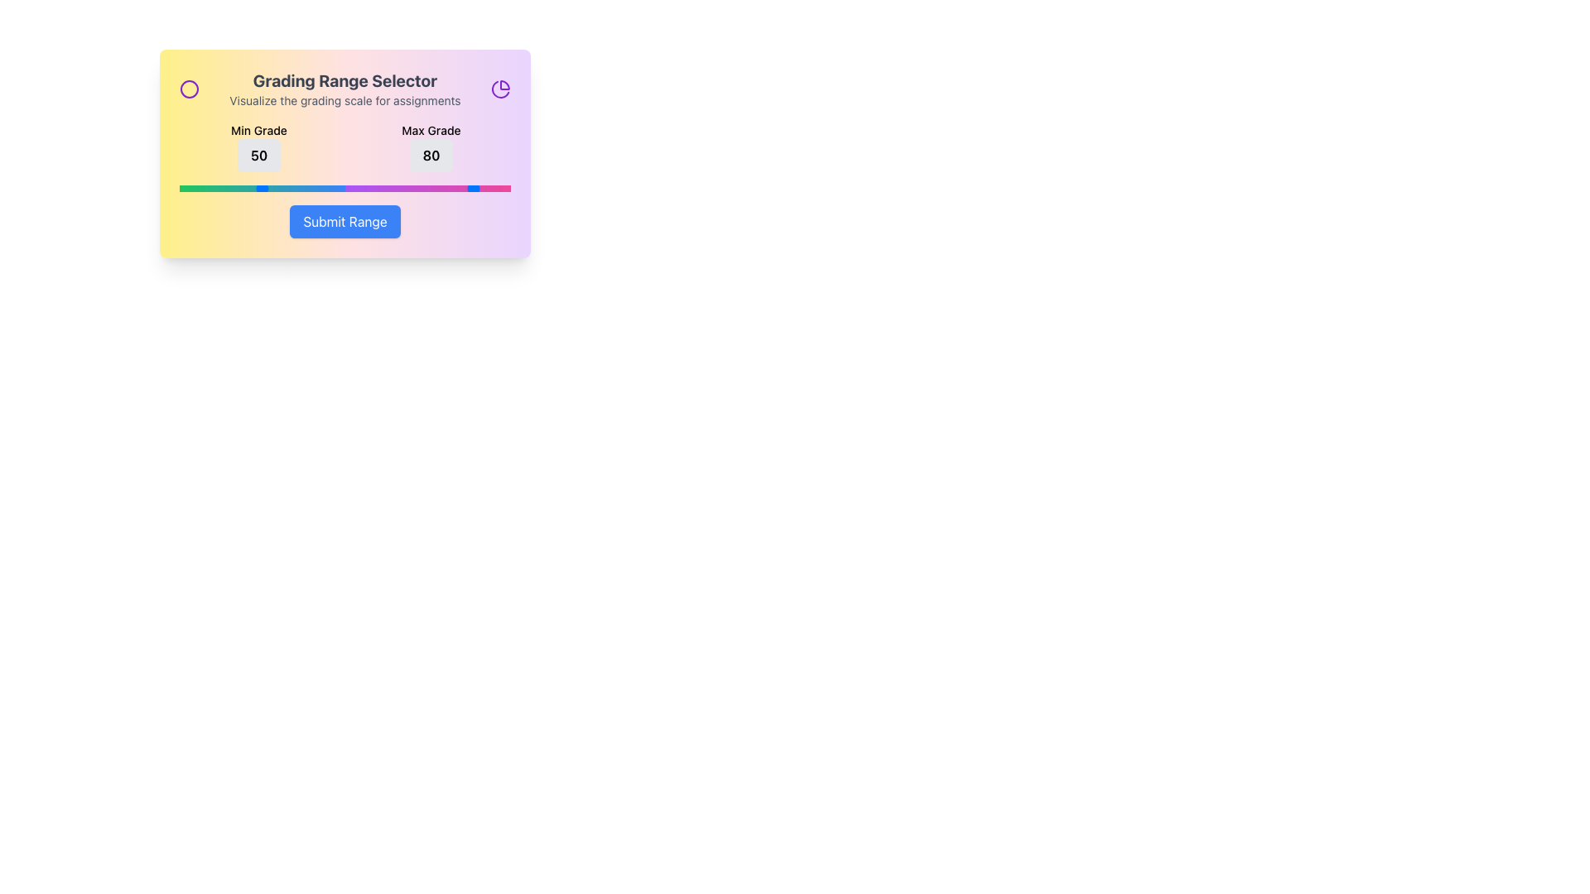  What do you see at coordinates (248, 187) in the screenshot?
I see `the slider value` at bounding box center [248, 187].